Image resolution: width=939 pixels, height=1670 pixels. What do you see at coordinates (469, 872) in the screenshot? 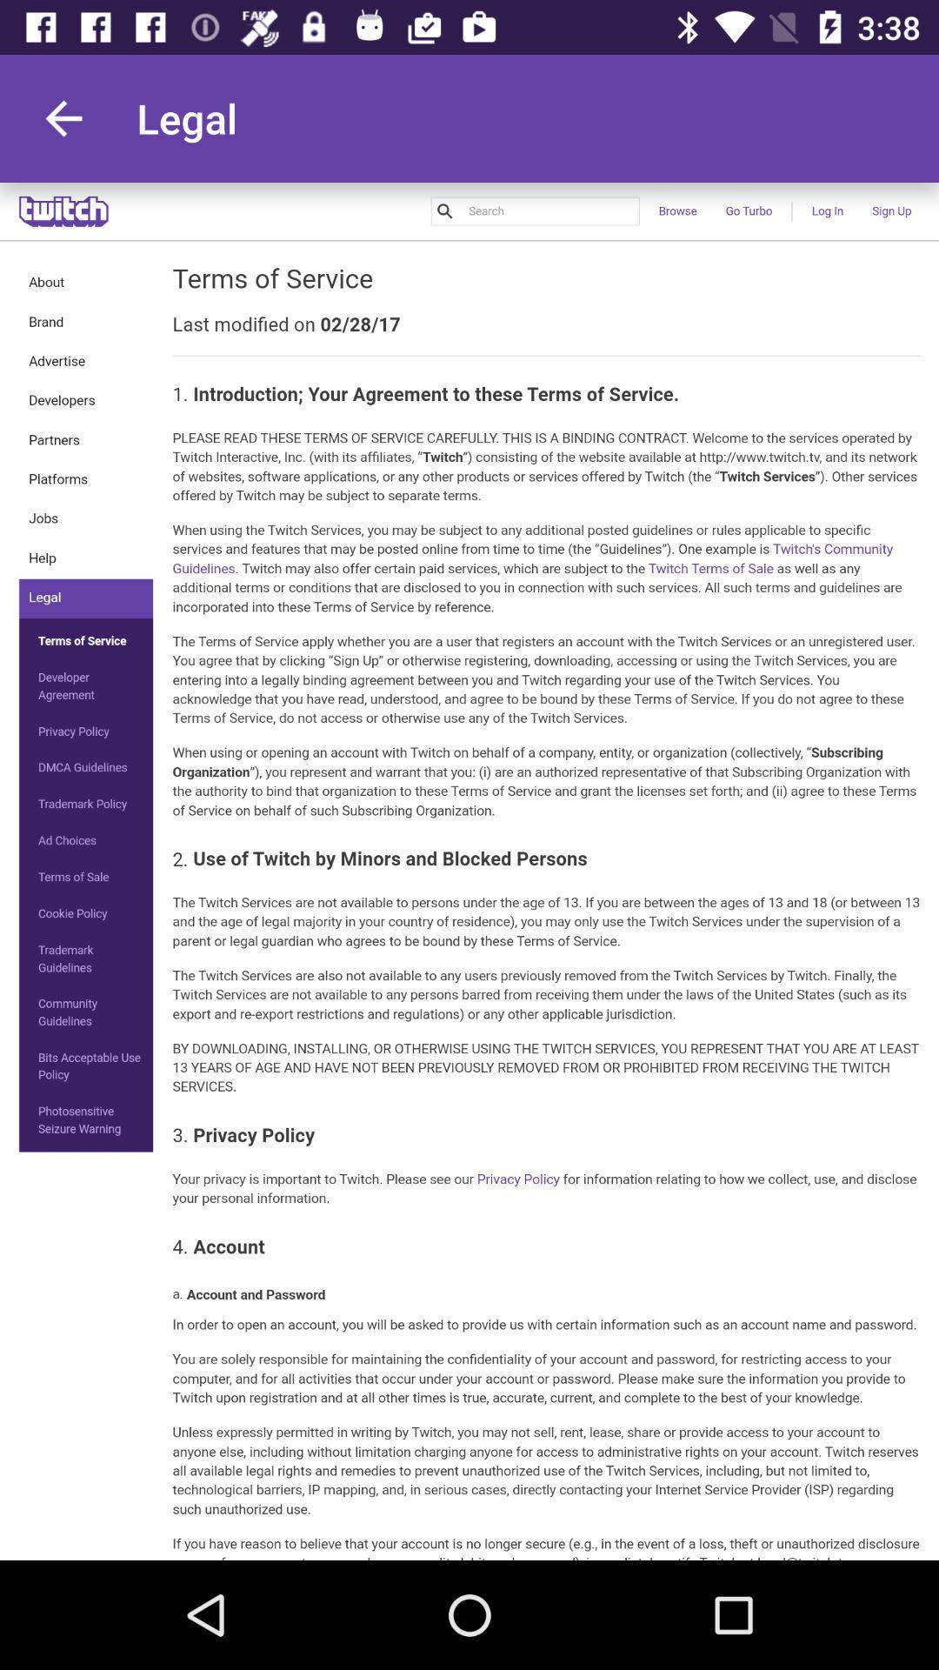
I see `terms of service page` at bounding box center [469, 872].